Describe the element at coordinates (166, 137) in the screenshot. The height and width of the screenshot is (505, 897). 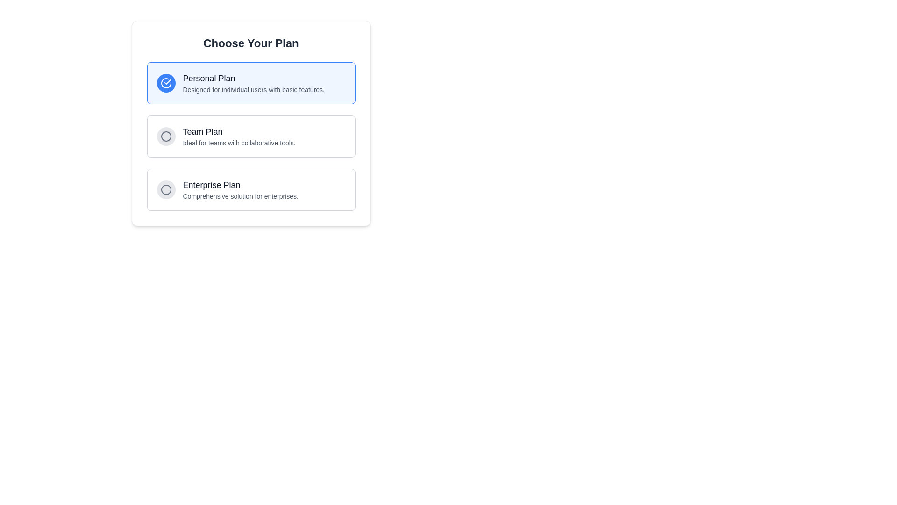
I see `the small circular icon with a gray border located in the 'Team Plan' option` at that location.